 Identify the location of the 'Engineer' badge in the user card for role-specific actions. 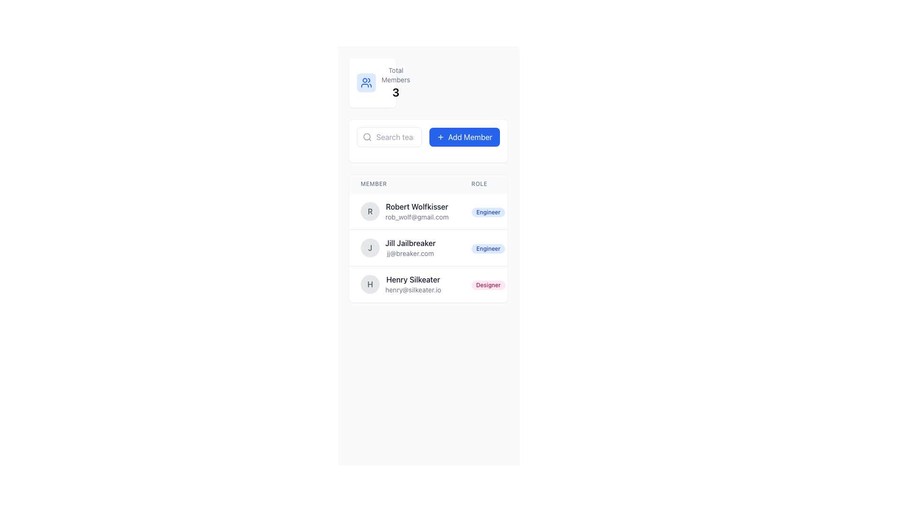
(517, 211).